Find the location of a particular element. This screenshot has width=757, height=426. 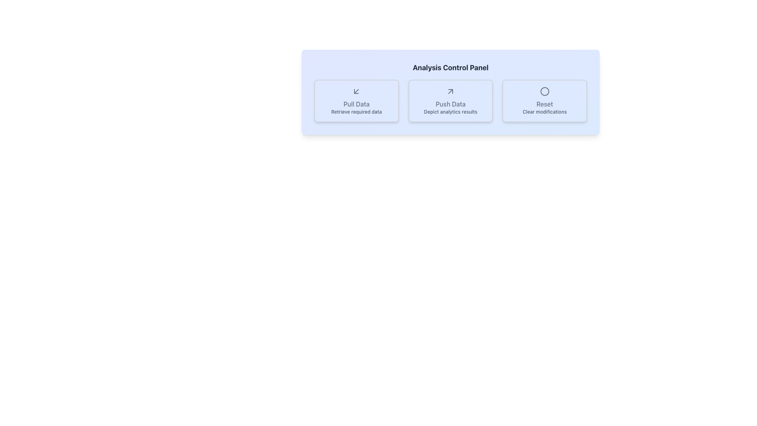

the text label indicating 'Pushing Data' located in the middle tile of the horizontal layout under the decorative arrow icon and above the descriptive tagline in the 'Depict analytics results' section is located at coordinates (450, 103).